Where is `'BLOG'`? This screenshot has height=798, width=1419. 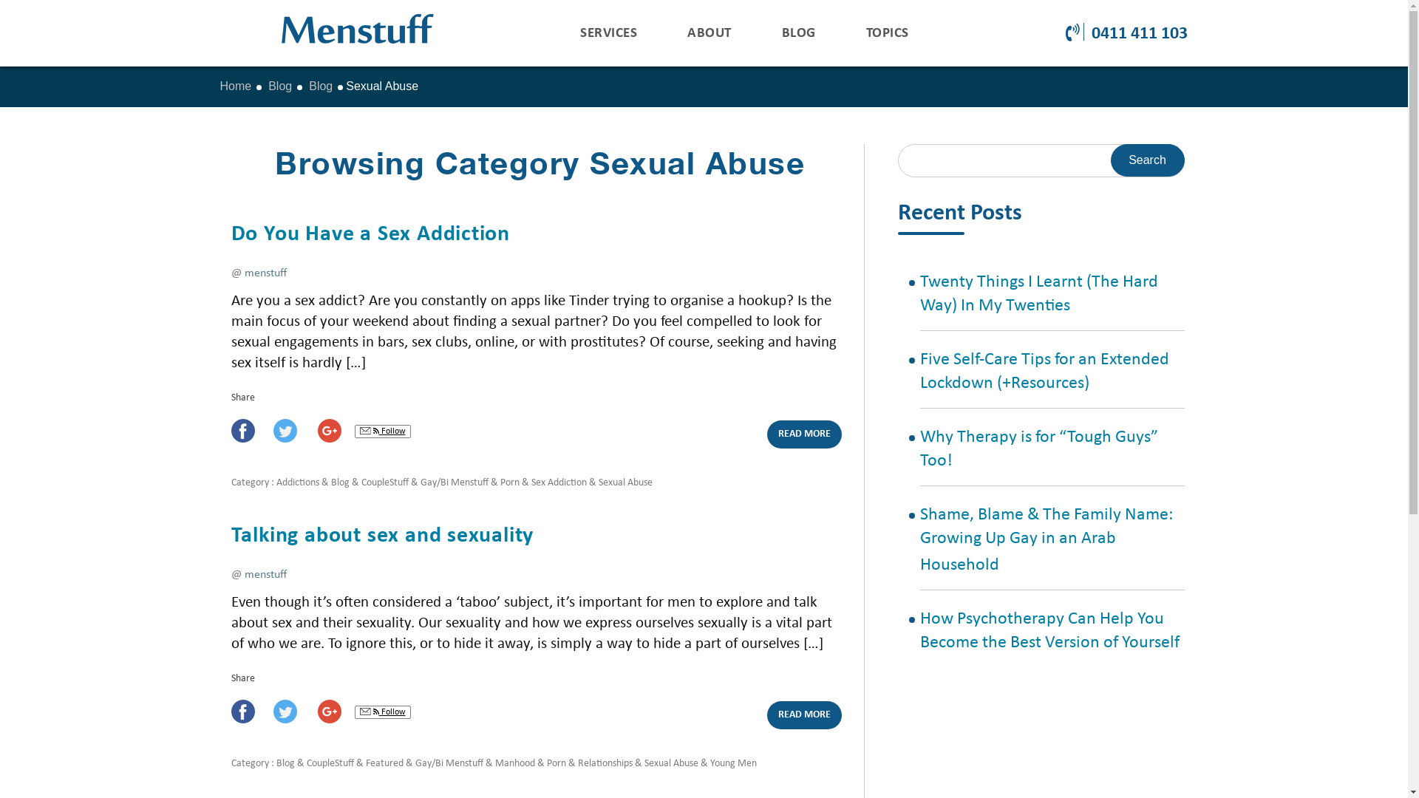
'BLOG' is located at coordinates (797, 33).